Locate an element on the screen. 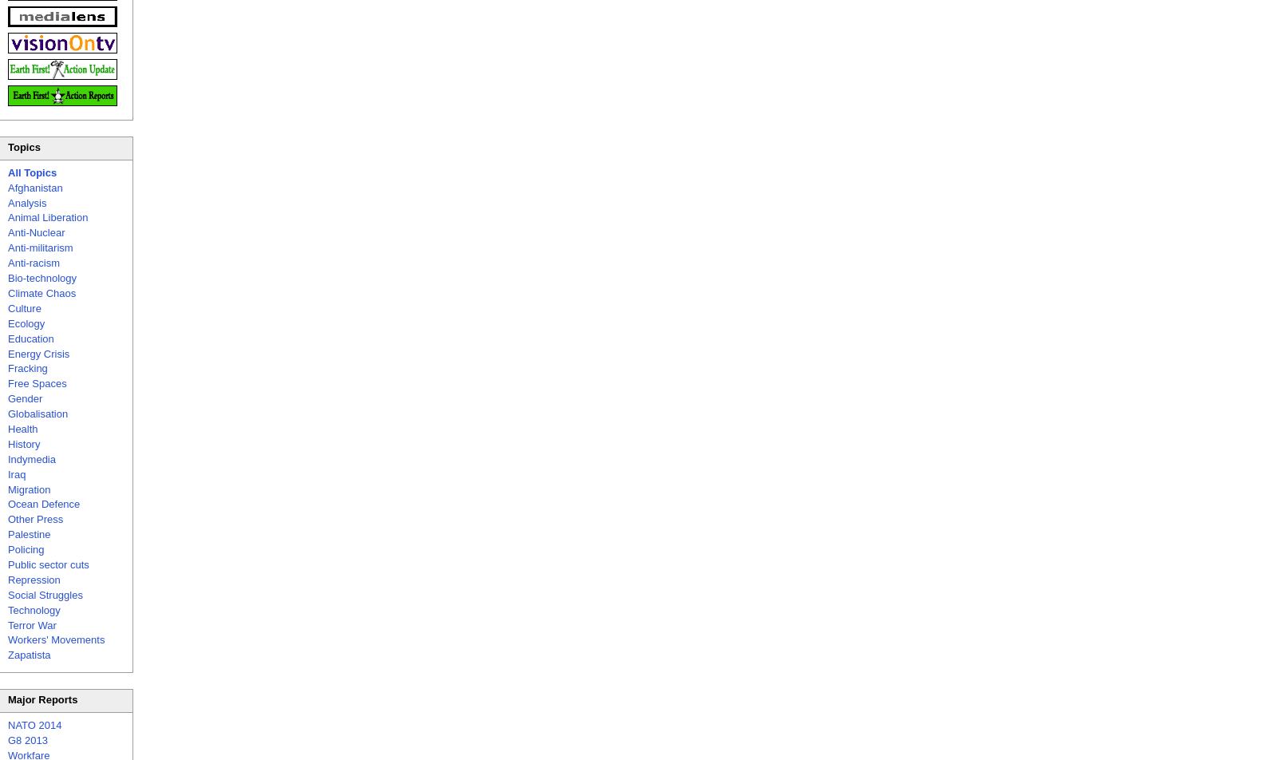  'Anti-Nuclear' is located at coordinates (35, 232).